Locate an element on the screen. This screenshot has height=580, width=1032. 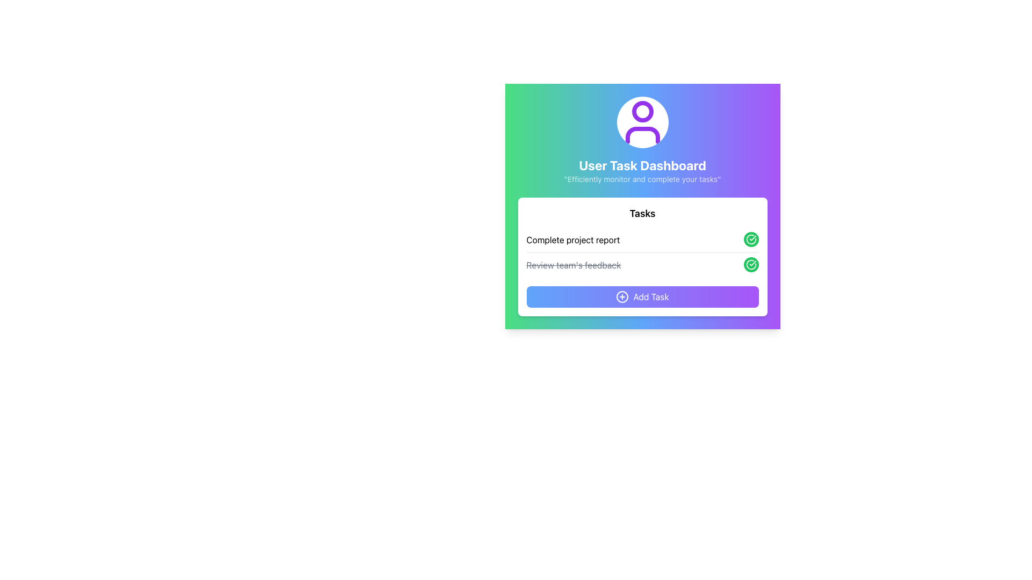
the circular green icon with a white checkmark indicating completion, located next to the task 'Review team’s feedback' is located at coordinates (750, 239).